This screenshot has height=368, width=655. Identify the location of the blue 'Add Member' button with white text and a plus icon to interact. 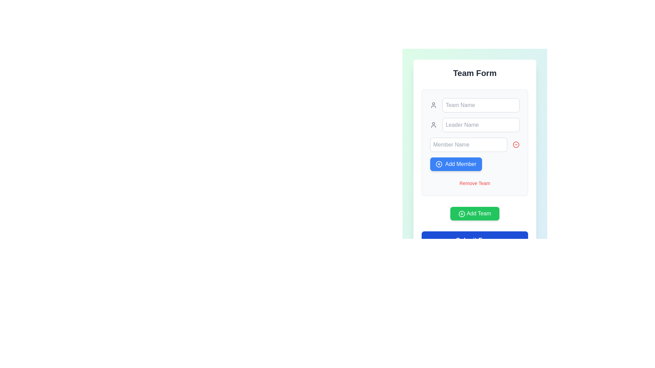
(456, 164).